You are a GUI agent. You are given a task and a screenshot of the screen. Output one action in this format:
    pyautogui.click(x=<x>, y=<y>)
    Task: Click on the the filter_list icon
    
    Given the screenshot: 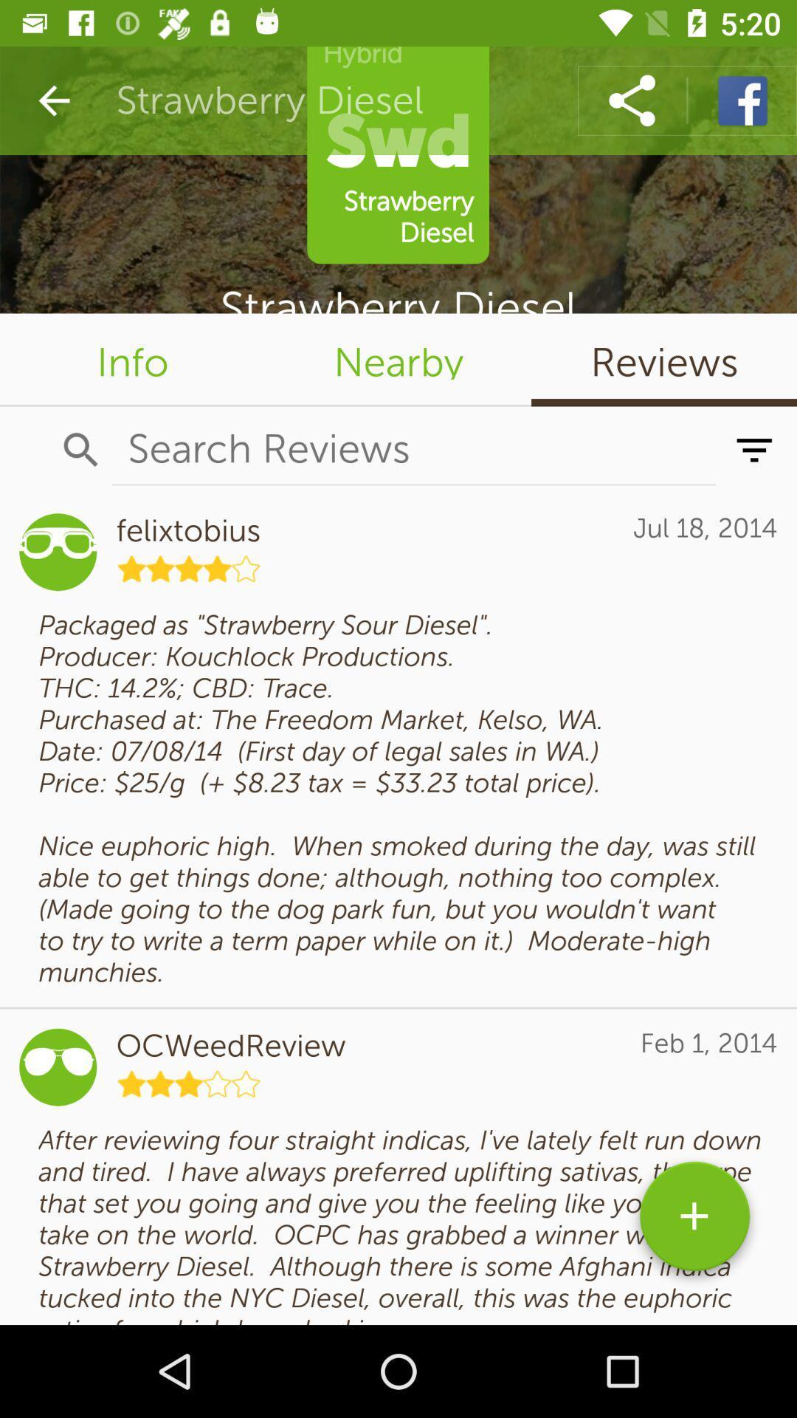 What is the action you would take?
    pyautogui.click(x=754, y=449)
    